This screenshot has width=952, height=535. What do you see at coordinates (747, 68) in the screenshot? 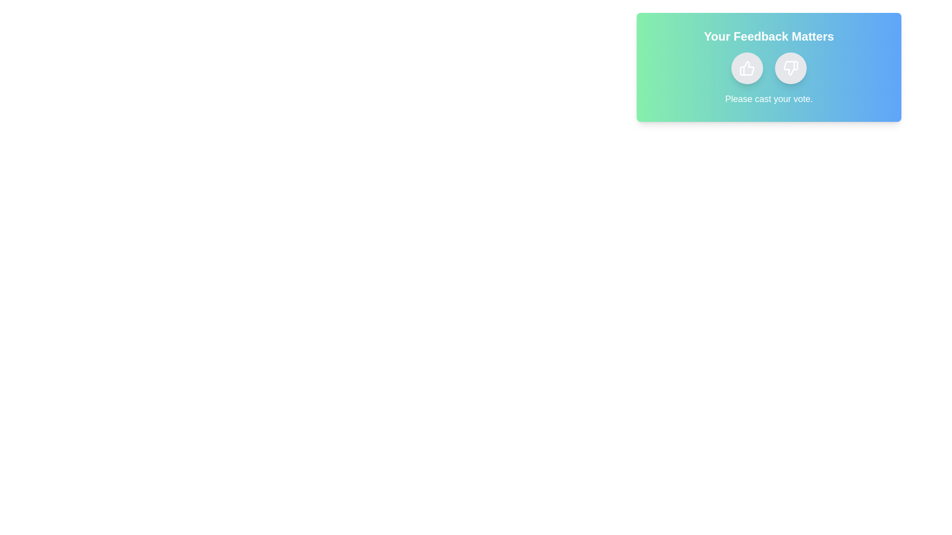
I see `the like button to observe the hover effect` at bounding box center [747, 68].